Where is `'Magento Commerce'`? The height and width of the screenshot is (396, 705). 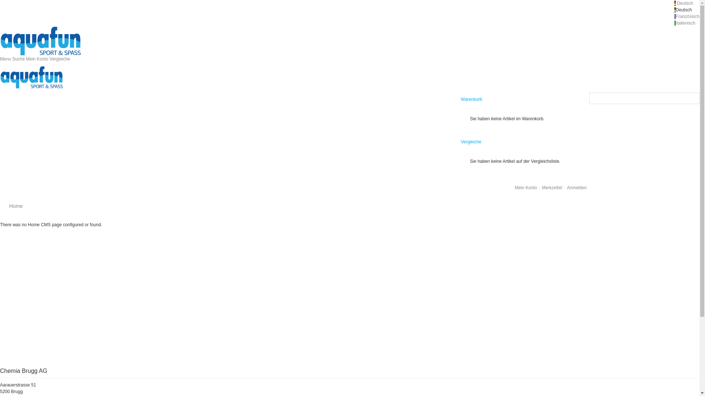 'Magento Commerce' is located at coordinates (40, 77).